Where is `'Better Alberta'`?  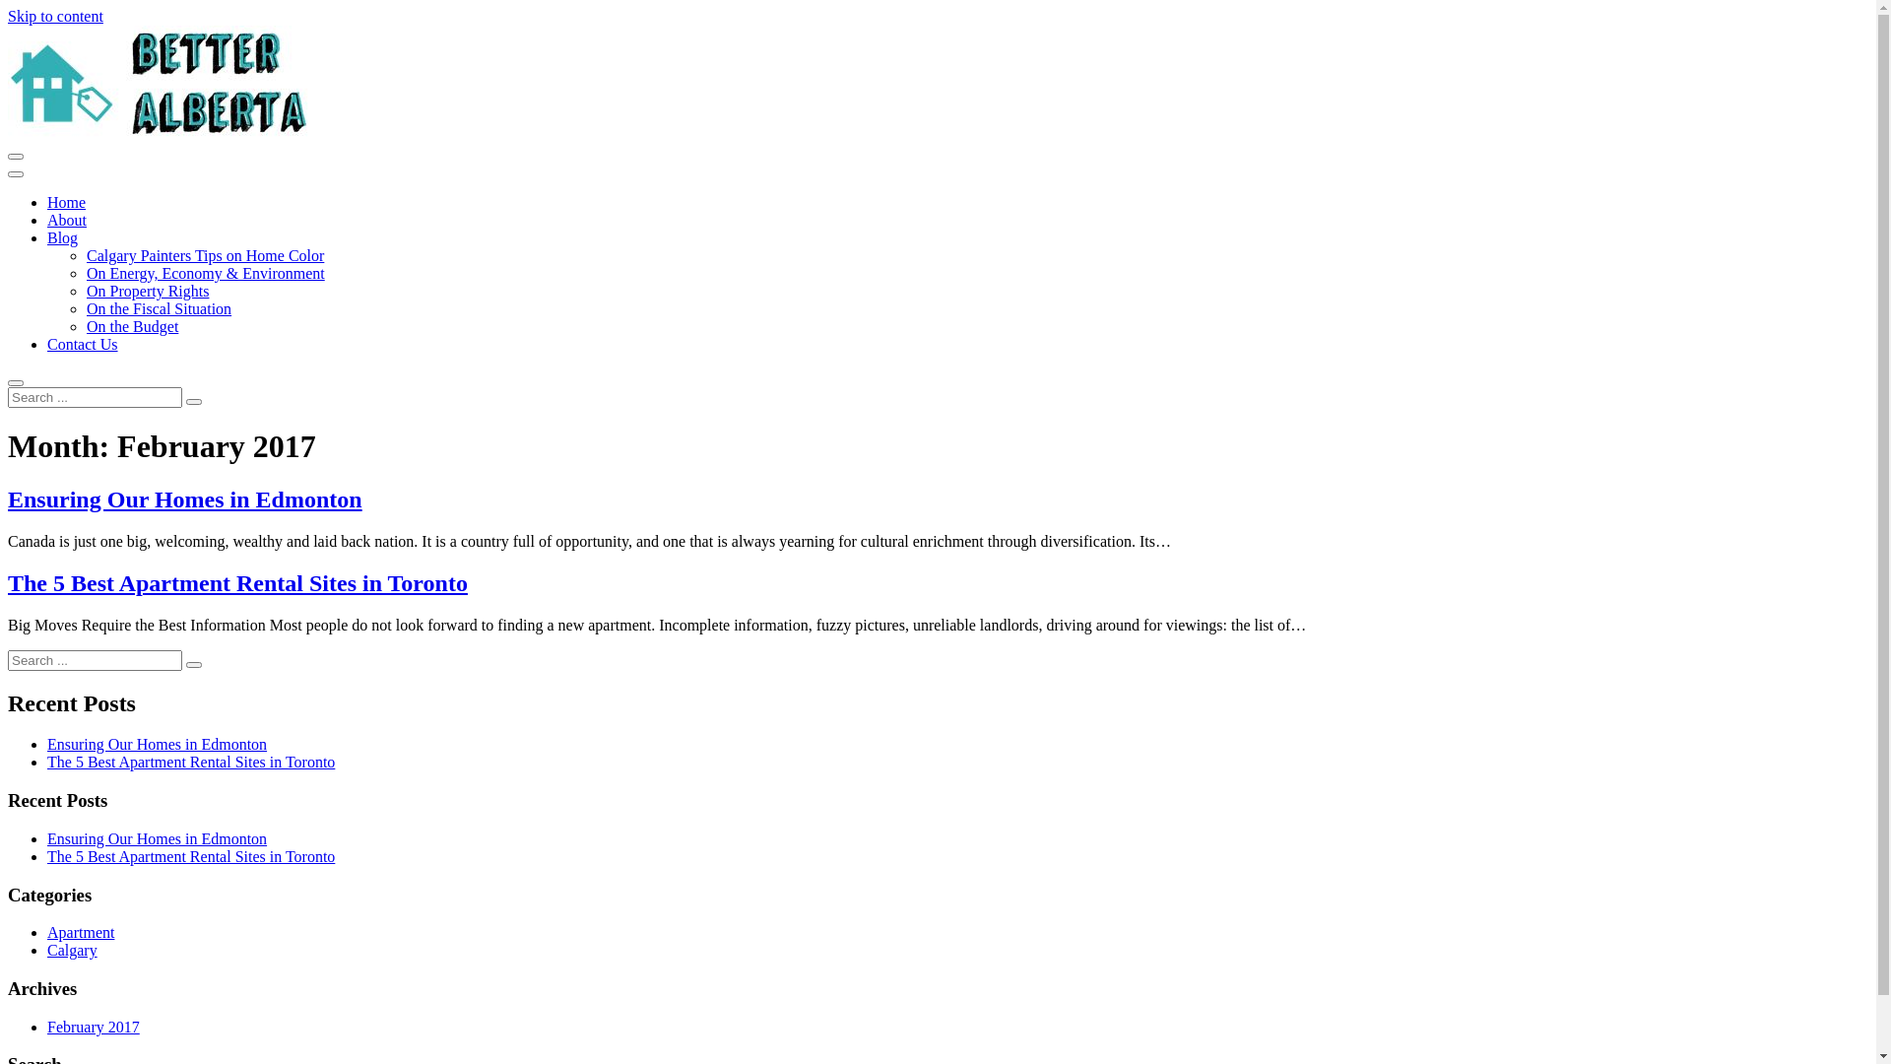
'Better Alberta' is located at coordinates (160, 133).